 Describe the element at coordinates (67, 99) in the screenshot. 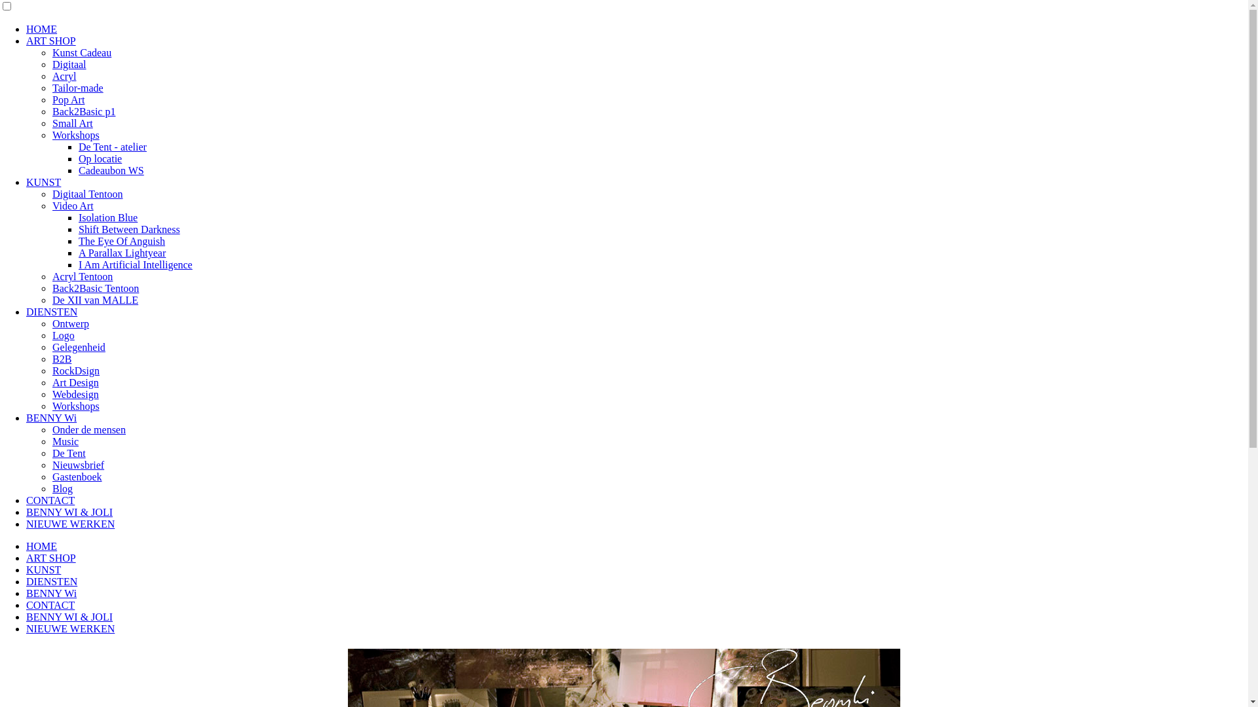

I see `'Pop Art'` at that location.